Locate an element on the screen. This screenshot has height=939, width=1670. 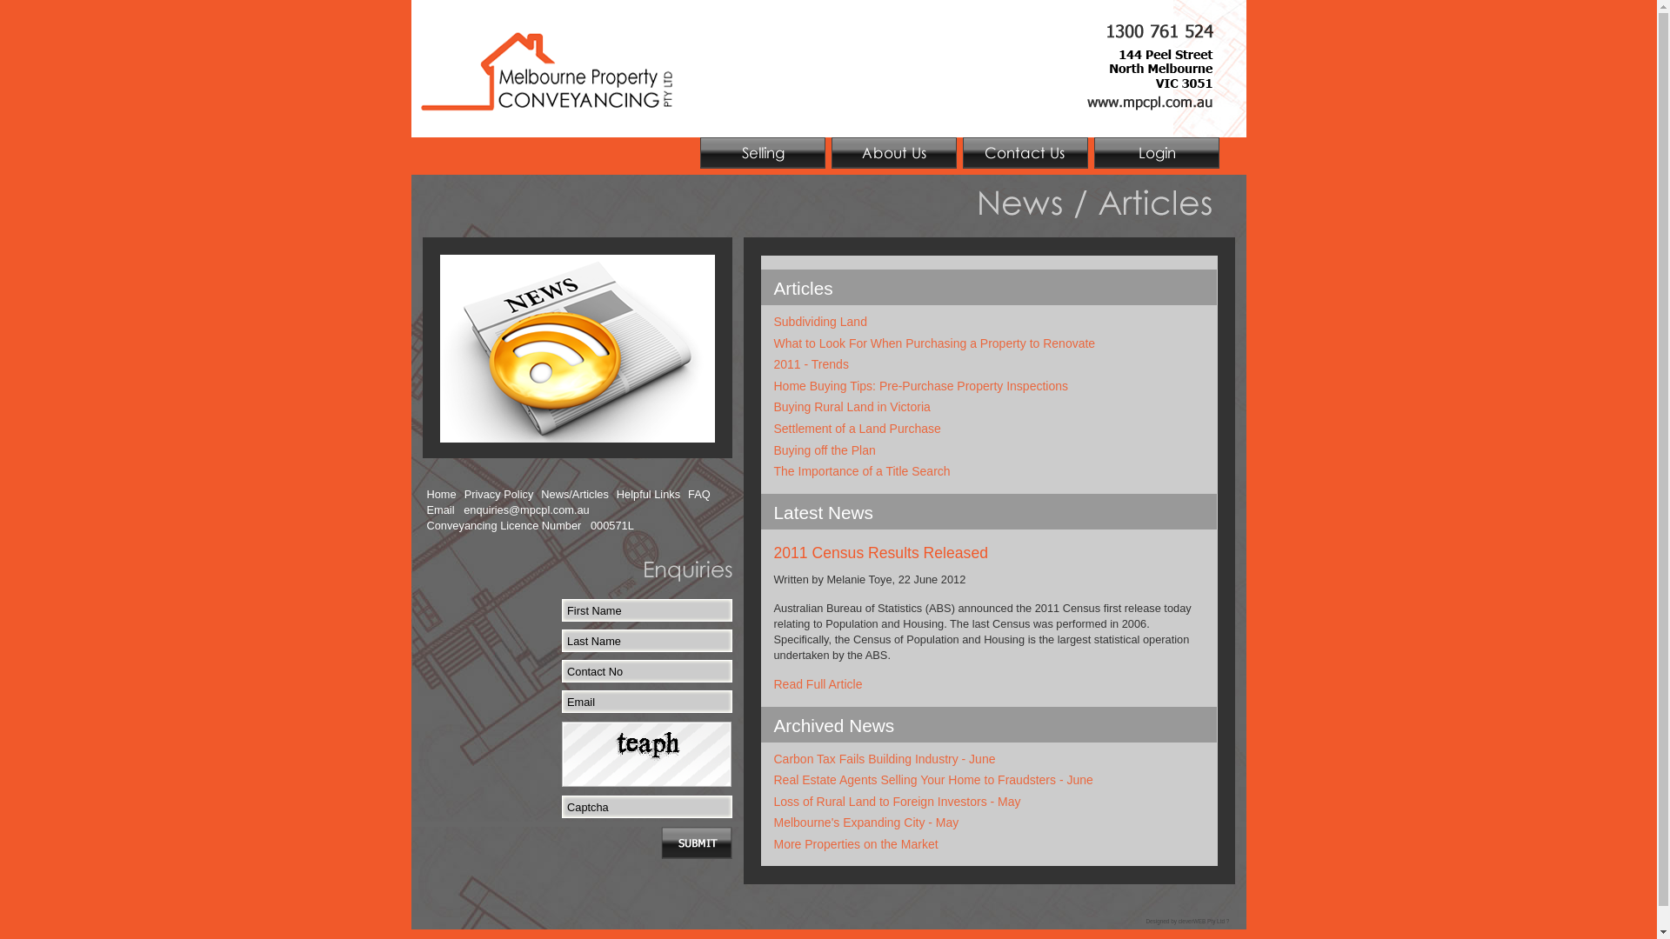
'Settlement of a Land Purchase' is located at coordinates (857, 429).